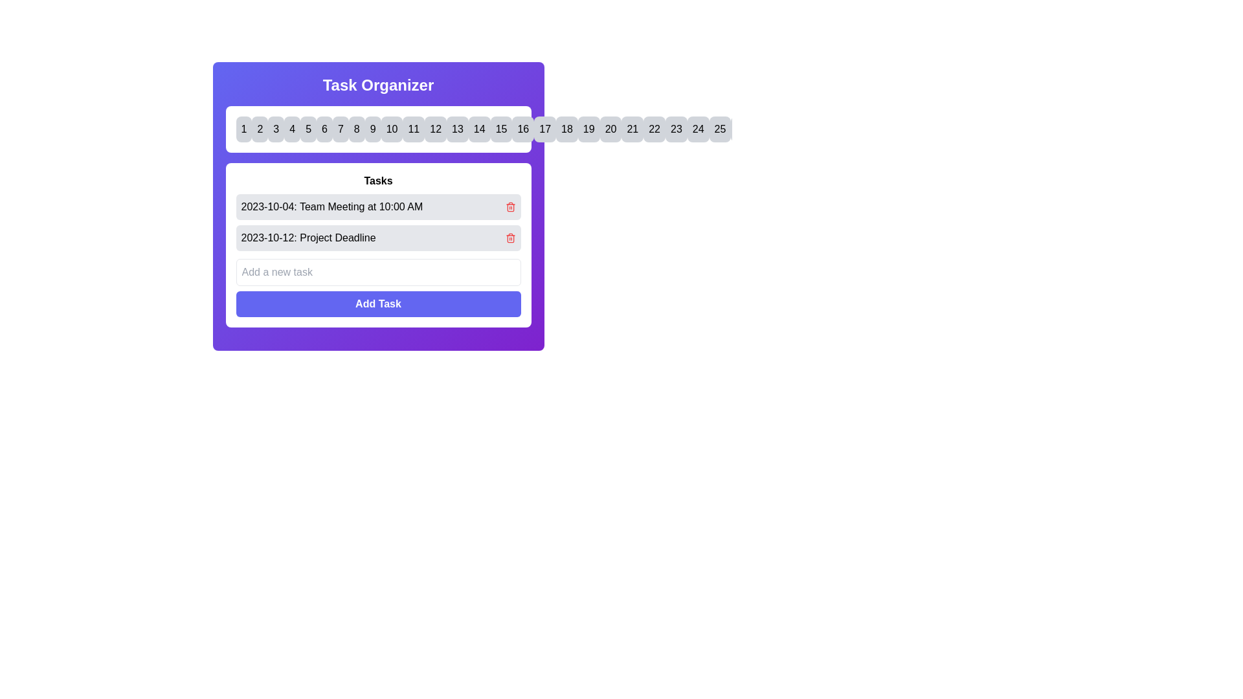 Image resolution: width=1243 pixels, height=699 pixels. I want to click on the 'Add Task' button, which is a rectangular button with an indigo background and white text, located at the bottom of the task organizer interface, so click(377, 304).